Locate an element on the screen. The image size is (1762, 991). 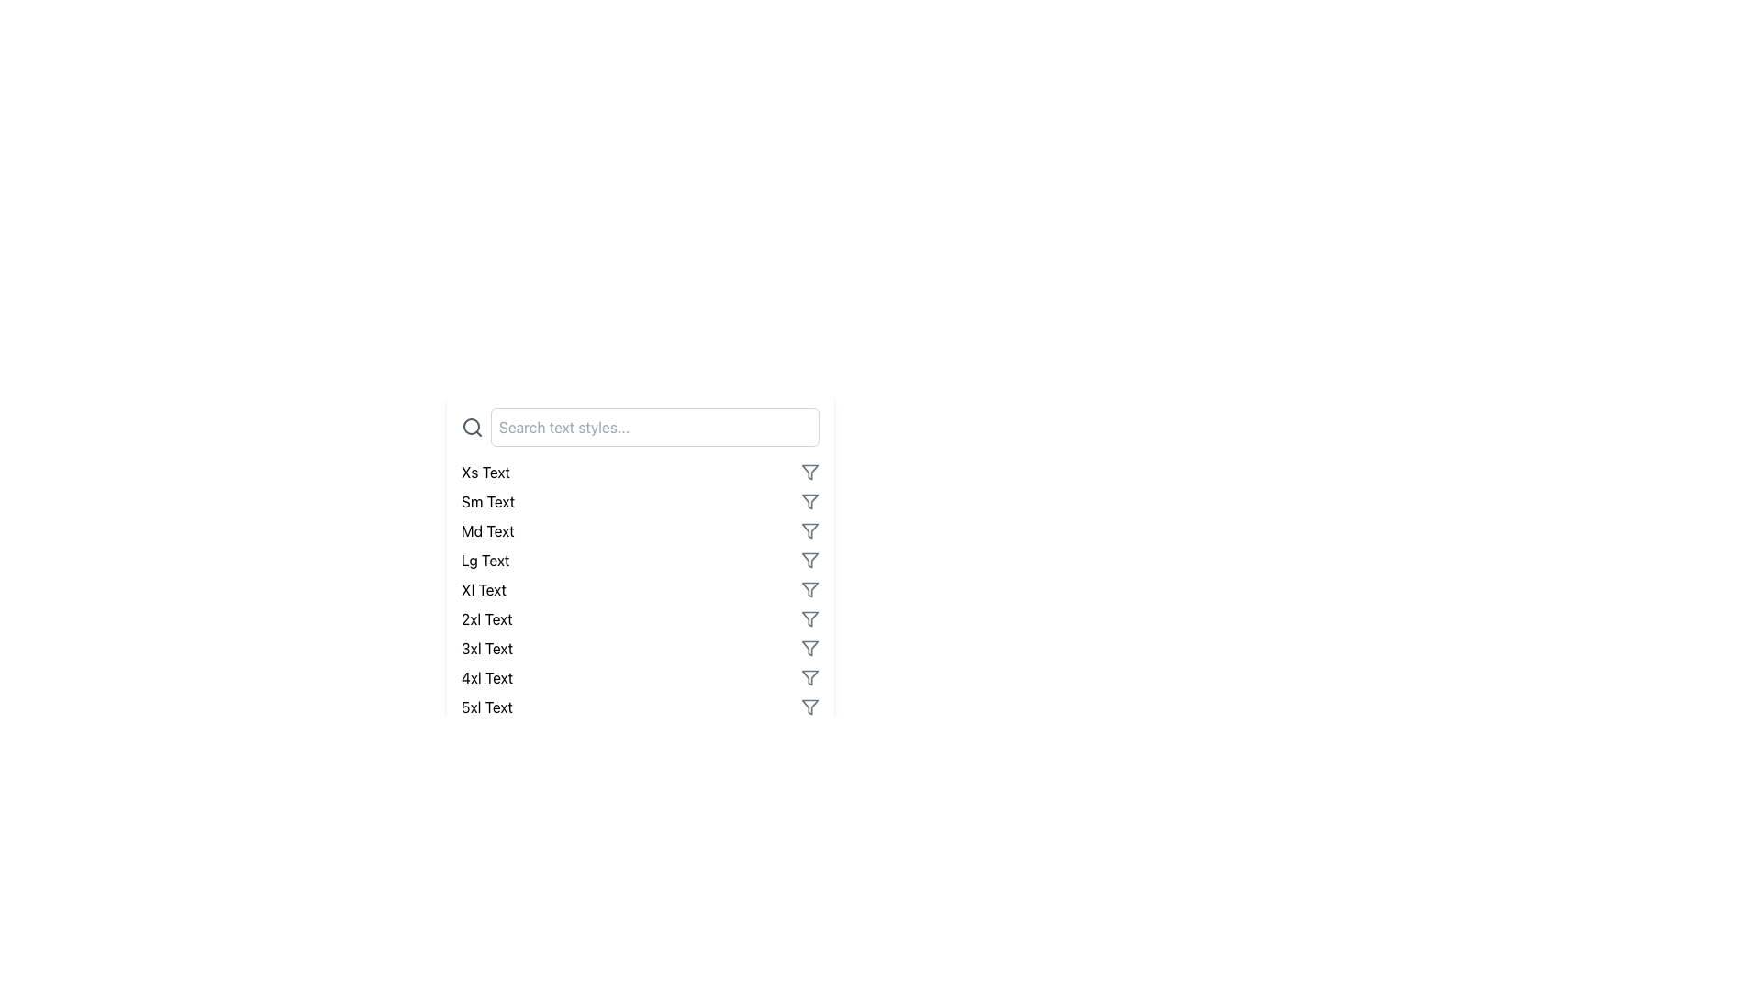
the medium text size label is located at coordinates (487, 530).